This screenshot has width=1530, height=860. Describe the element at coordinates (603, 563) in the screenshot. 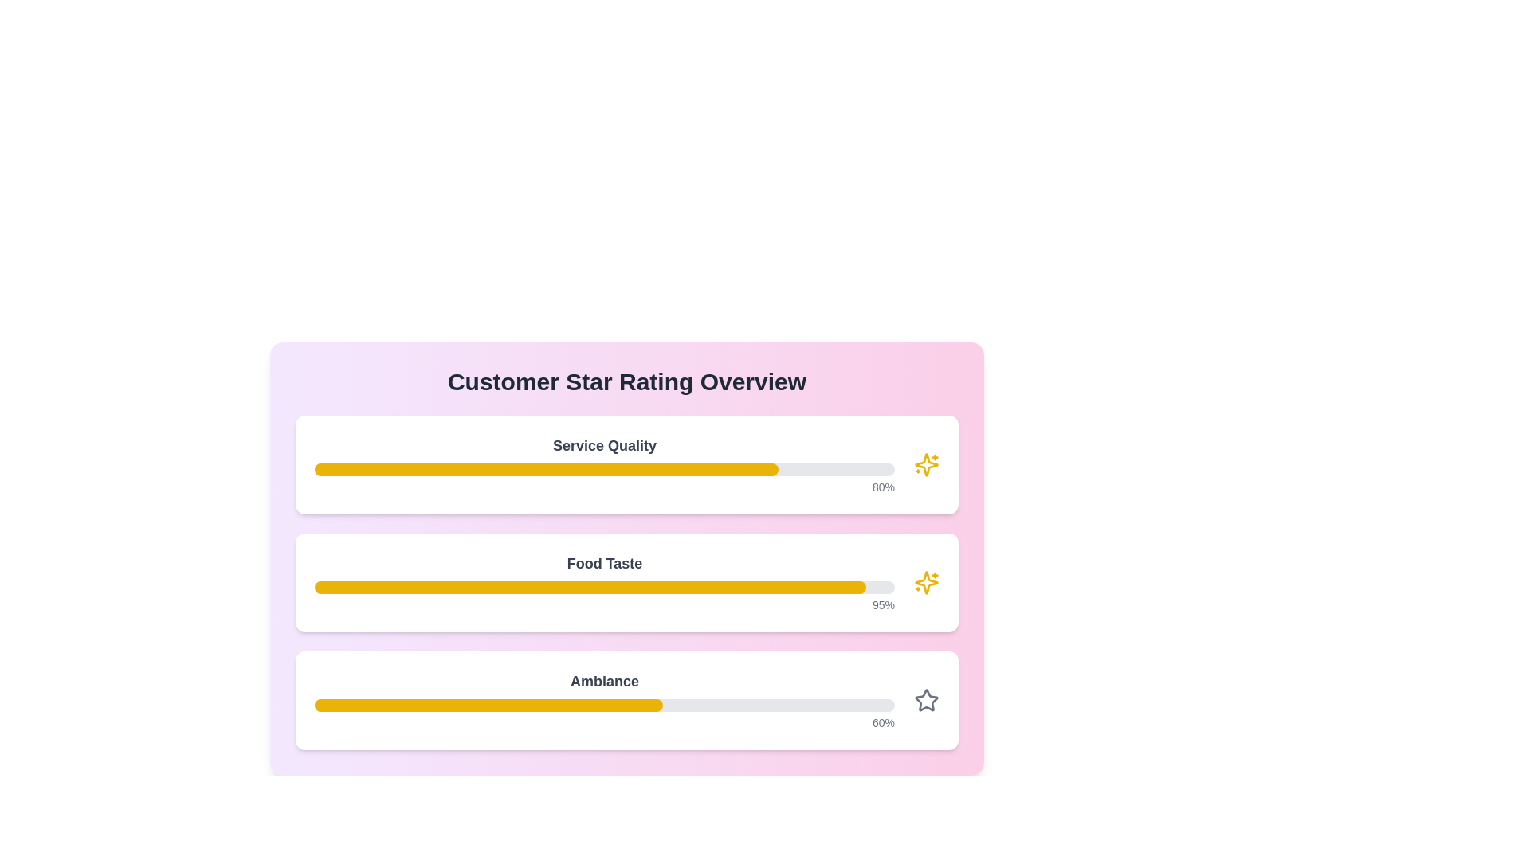

I see `the Text Label that describes the rating category for the associated progress bar, located in the second section of rating items, positioned above the progress bar and below 'Service Quality'` at that location.